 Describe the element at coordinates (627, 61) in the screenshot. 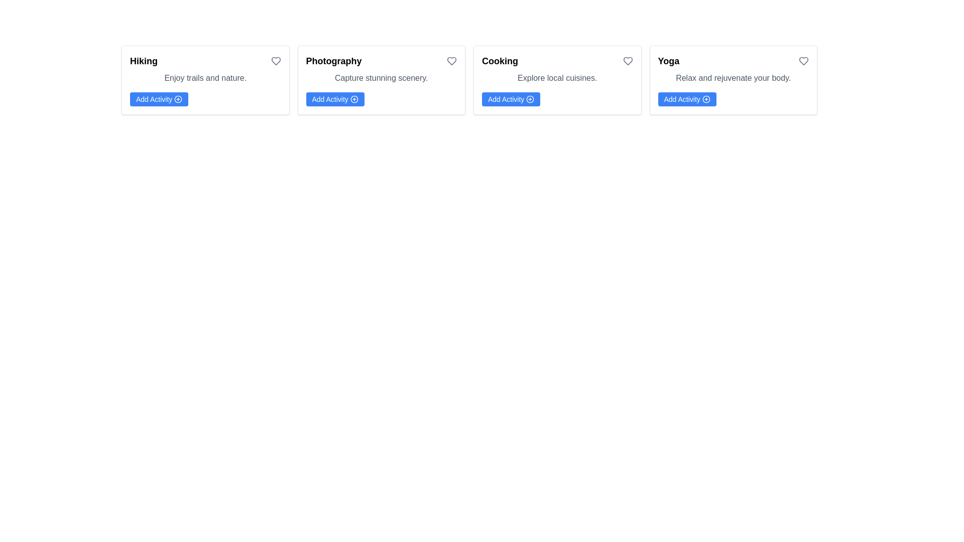

I see `the hollow heart-shaped icon in the top-right corner of the 'Cooking' activity card` at that location.